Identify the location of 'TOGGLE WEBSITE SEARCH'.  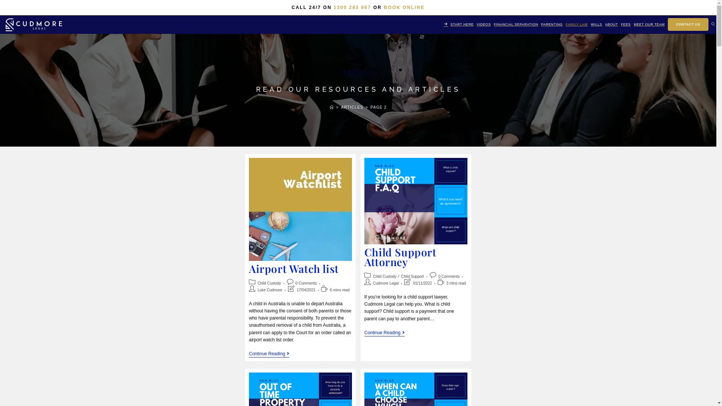
(713, 24).